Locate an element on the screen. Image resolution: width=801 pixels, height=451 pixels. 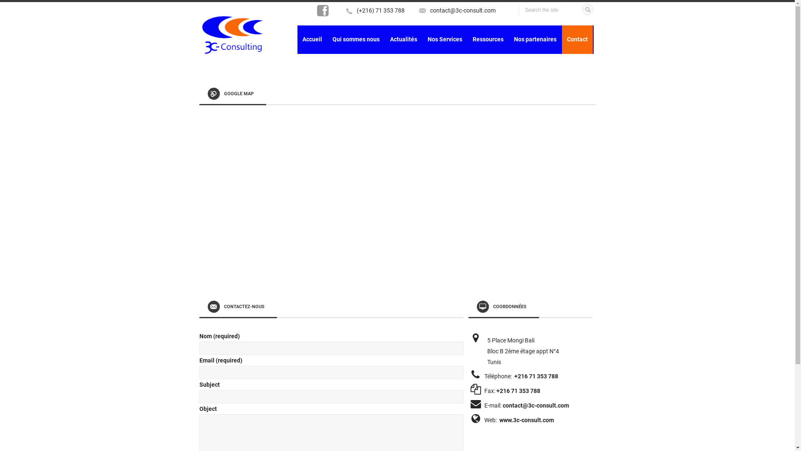
'Recherche' is located at coordinates (587, 8).